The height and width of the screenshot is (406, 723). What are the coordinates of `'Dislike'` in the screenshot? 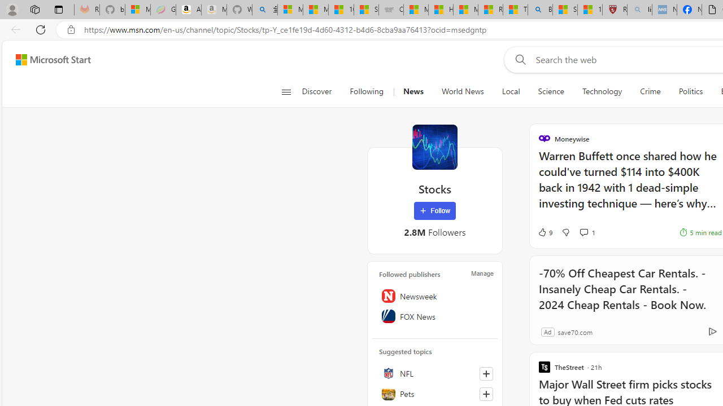 It's located at (565, 232).